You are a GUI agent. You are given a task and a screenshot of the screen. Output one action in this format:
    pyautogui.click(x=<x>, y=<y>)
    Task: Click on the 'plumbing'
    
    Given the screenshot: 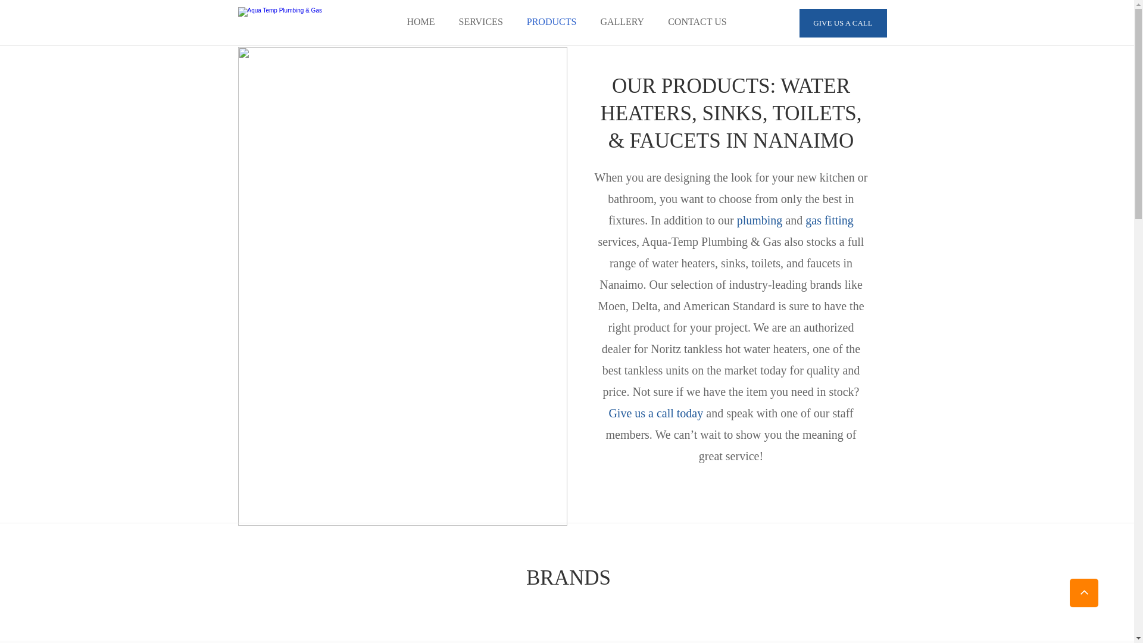 What is the action you would take?
    pyautogui.click(x=733, y=220)
    